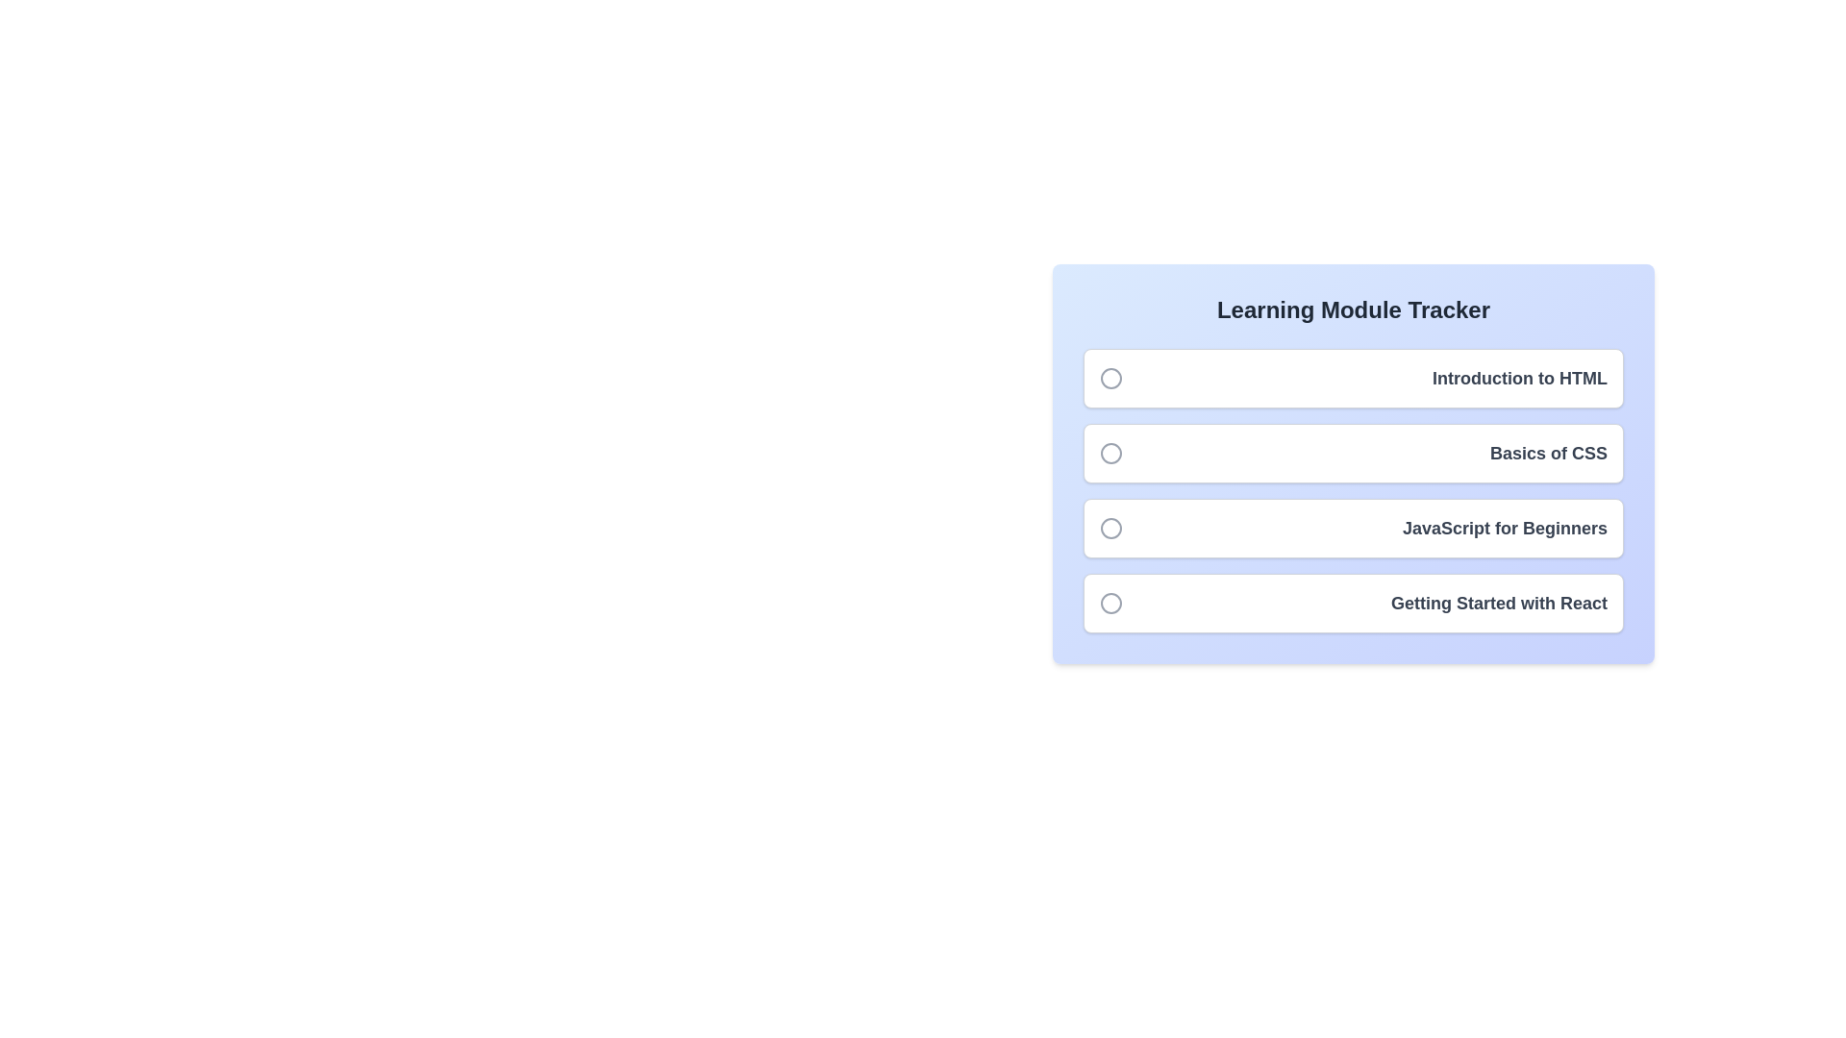  What do you see at coordinates (1352, 309) in the screenshot?
I see `the static text heading 'Learning Module Tracker', which is a bold, large font header centered above the list of modules` at bounding box center [1352, 309].